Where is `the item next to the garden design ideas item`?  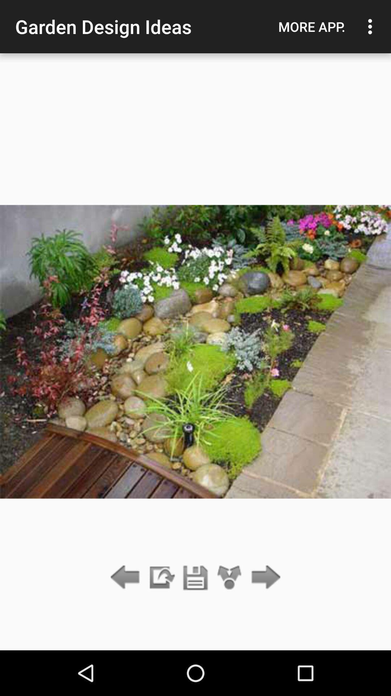 the item next to the garden design ideas item is located at coordinates (311, 26).